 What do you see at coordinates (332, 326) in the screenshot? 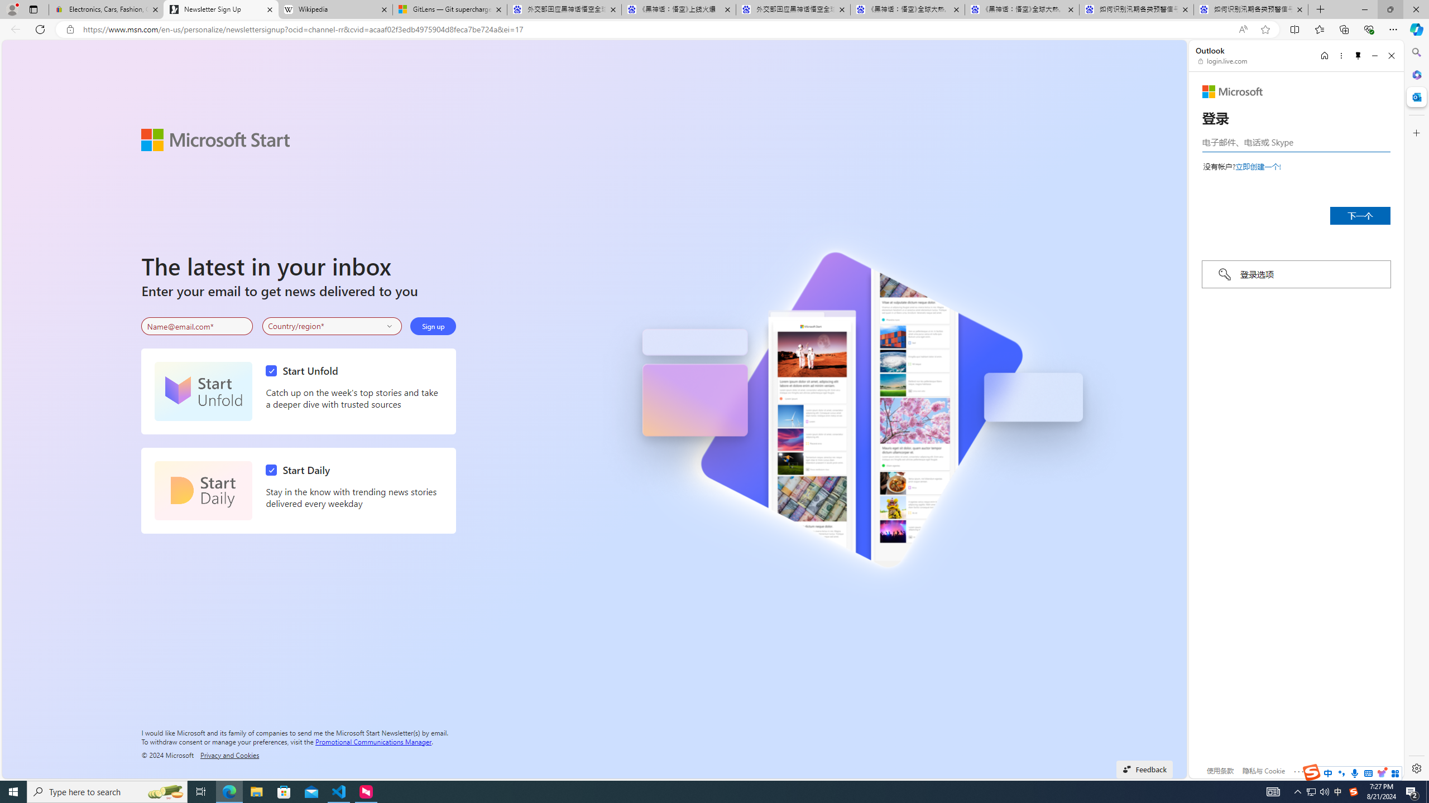
I see `'Select your country'` at bounding box center [332, 326].